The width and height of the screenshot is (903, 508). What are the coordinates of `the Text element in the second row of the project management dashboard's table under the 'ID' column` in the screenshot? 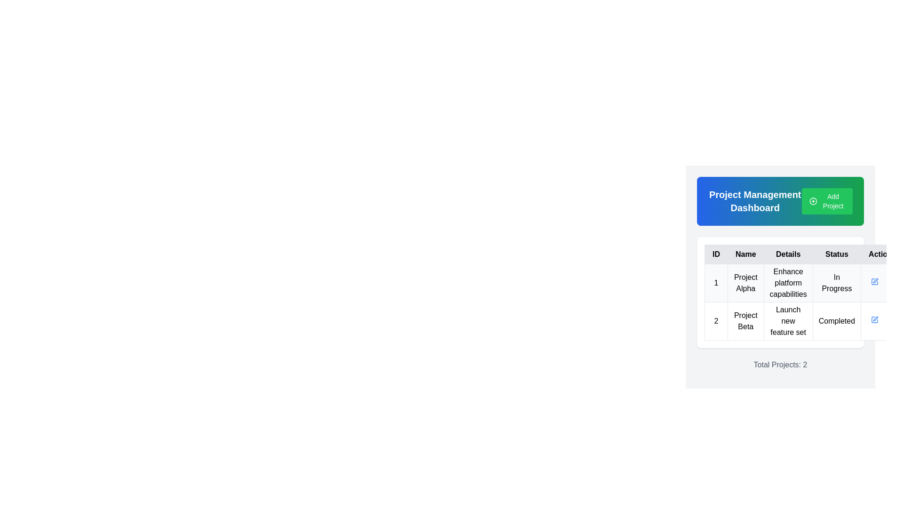 It's located at (715, 320).